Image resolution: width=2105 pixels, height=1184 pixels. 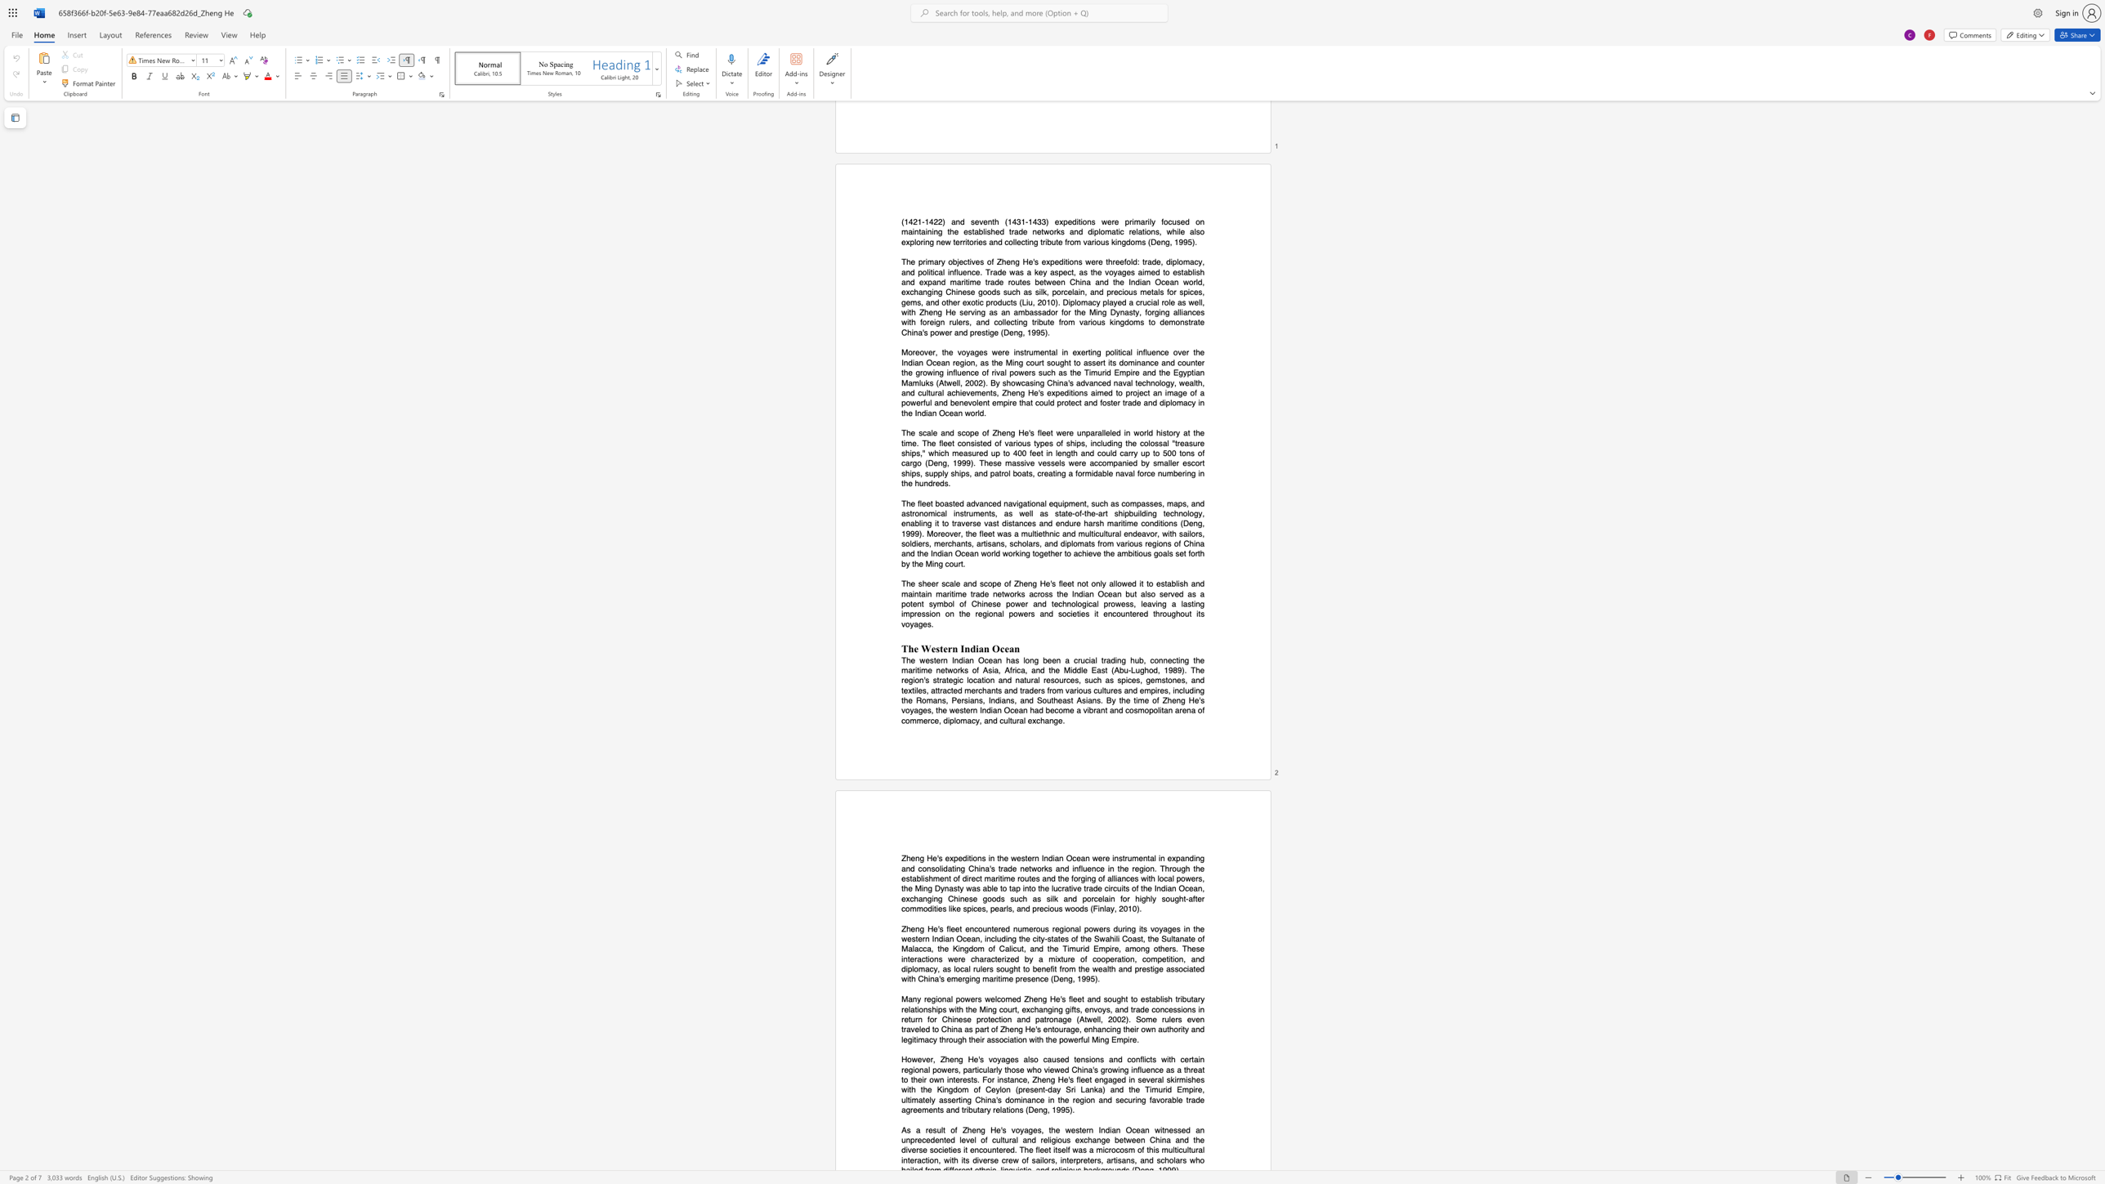 I want to click on the space between the continuous character "e" and "g" in the text, so click(x=930, y=999).